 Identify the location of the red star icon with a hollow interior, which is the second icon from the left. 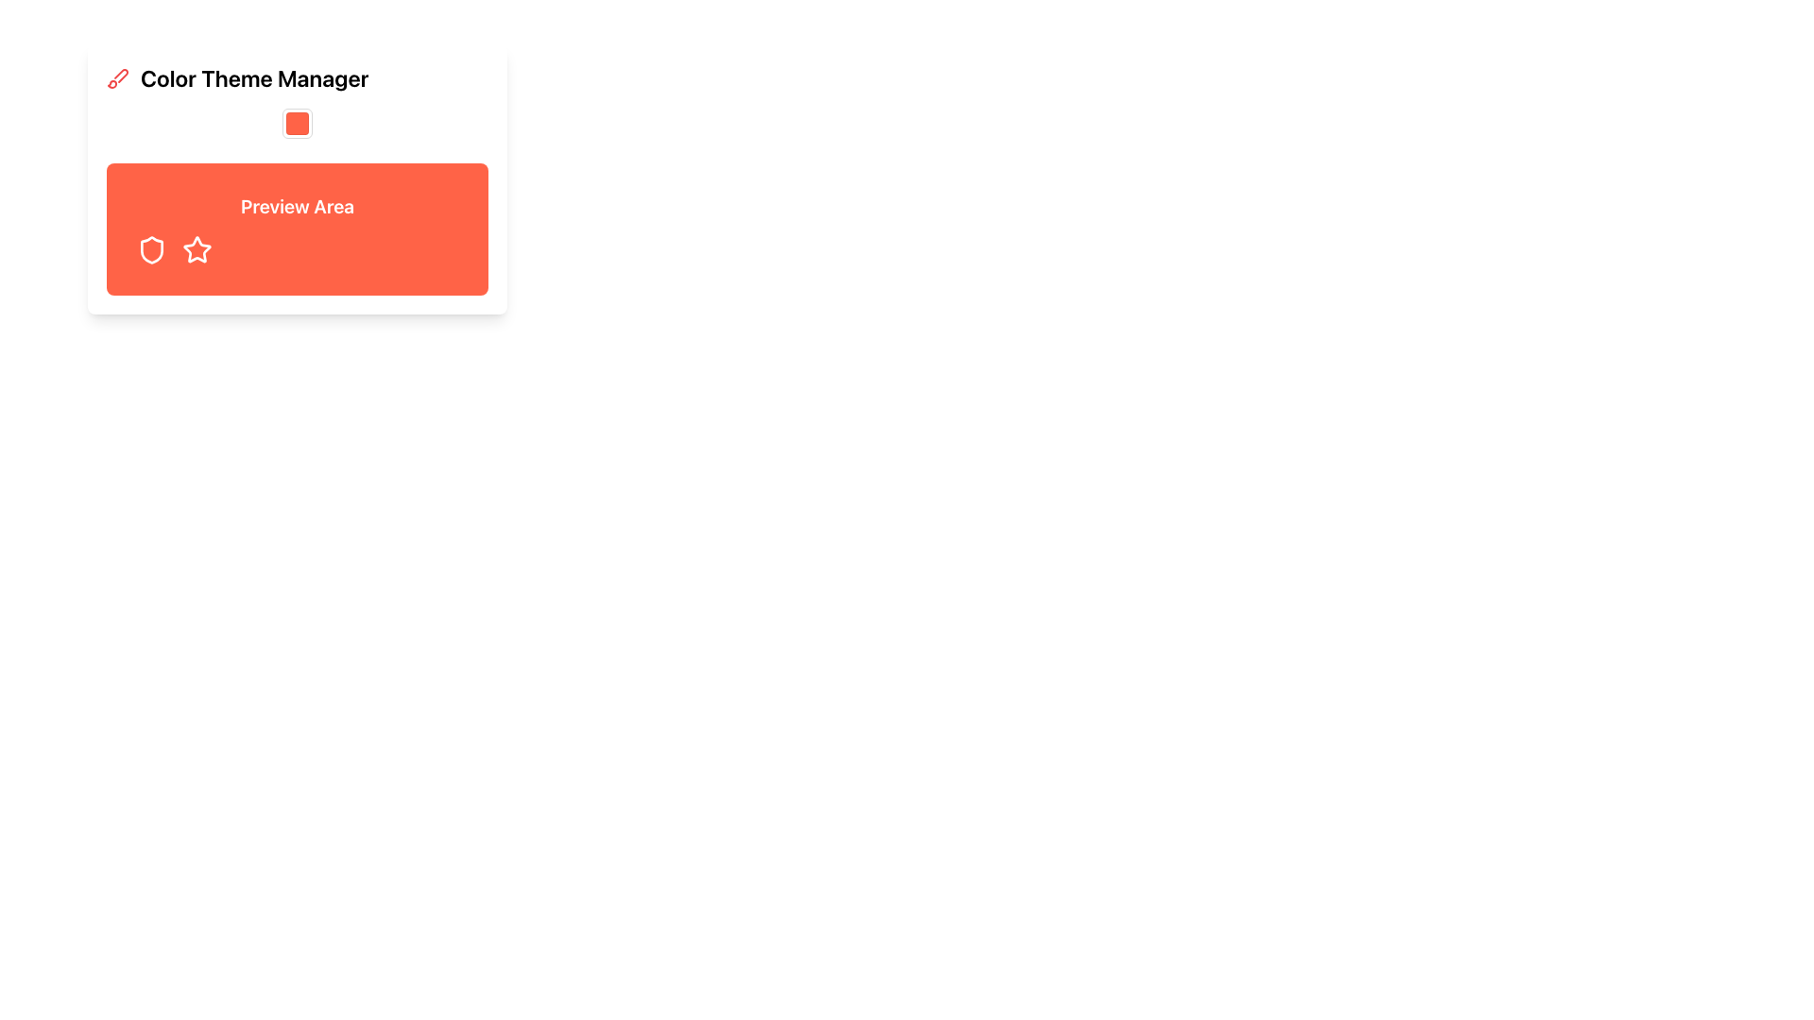
(196, 247).